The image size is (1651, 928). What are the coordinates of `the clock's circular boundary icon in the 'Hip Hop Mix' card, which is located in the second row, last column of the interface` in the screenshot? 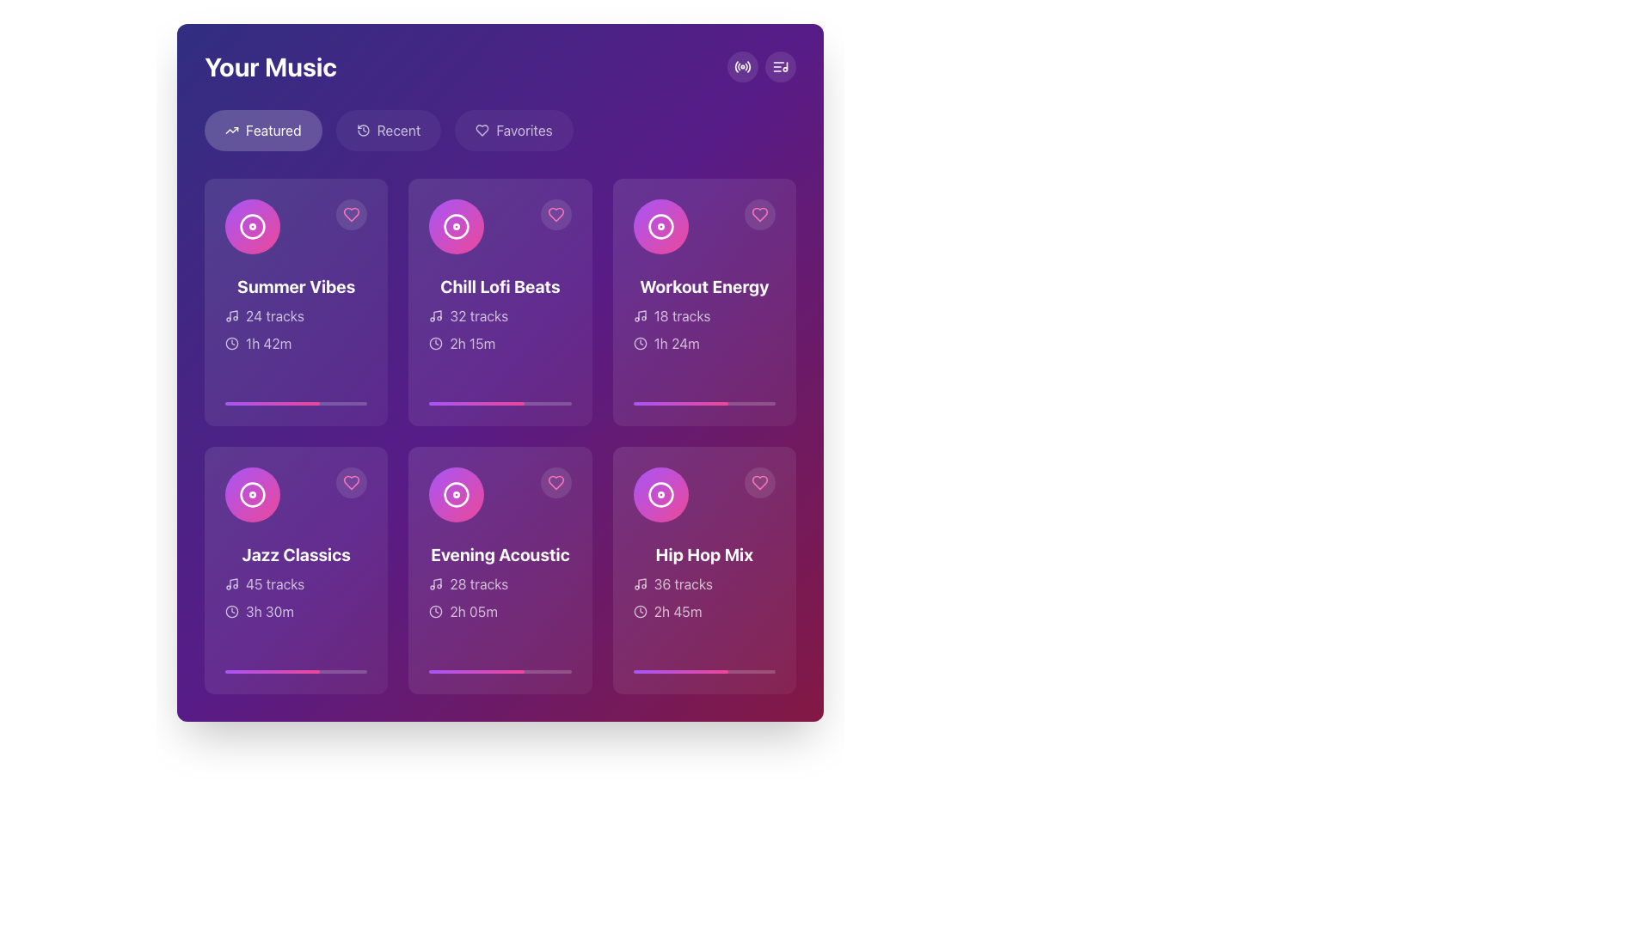 It's located at (639, 611).